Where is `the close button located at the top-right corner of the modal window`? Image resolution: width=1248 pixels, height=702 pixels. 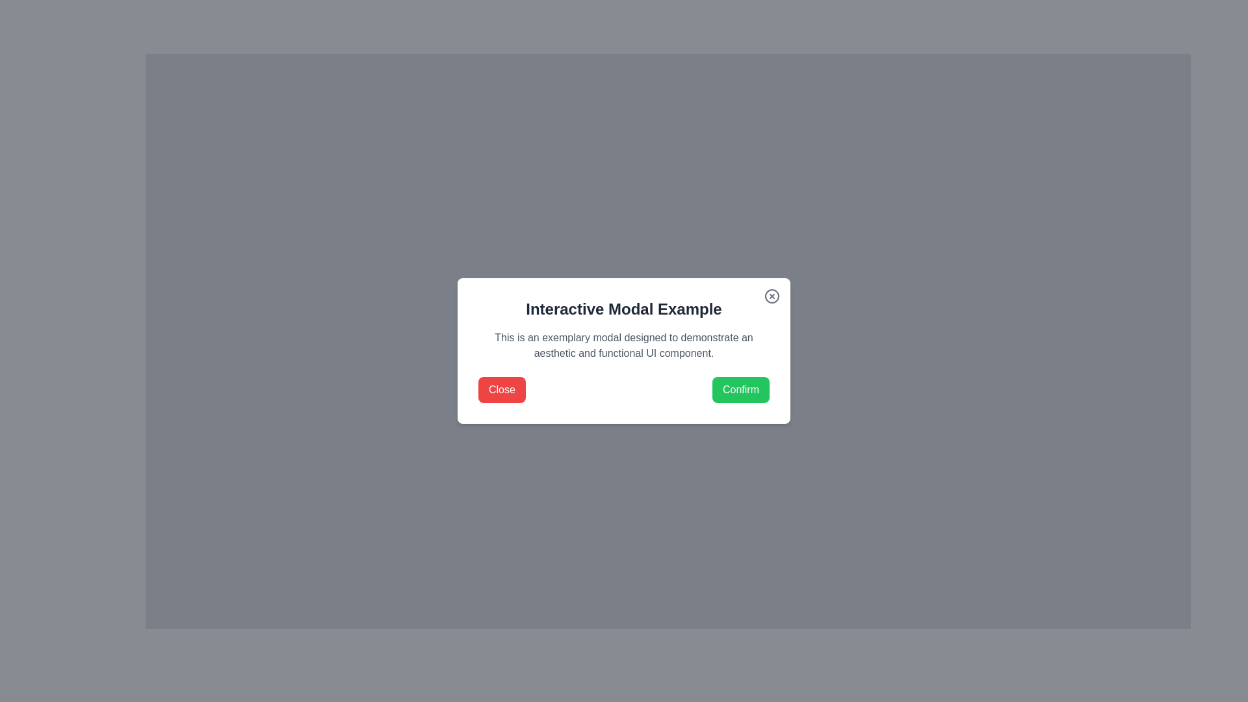 the close button located at the top-right corner of the modal window is located at coordinates (772, 296).